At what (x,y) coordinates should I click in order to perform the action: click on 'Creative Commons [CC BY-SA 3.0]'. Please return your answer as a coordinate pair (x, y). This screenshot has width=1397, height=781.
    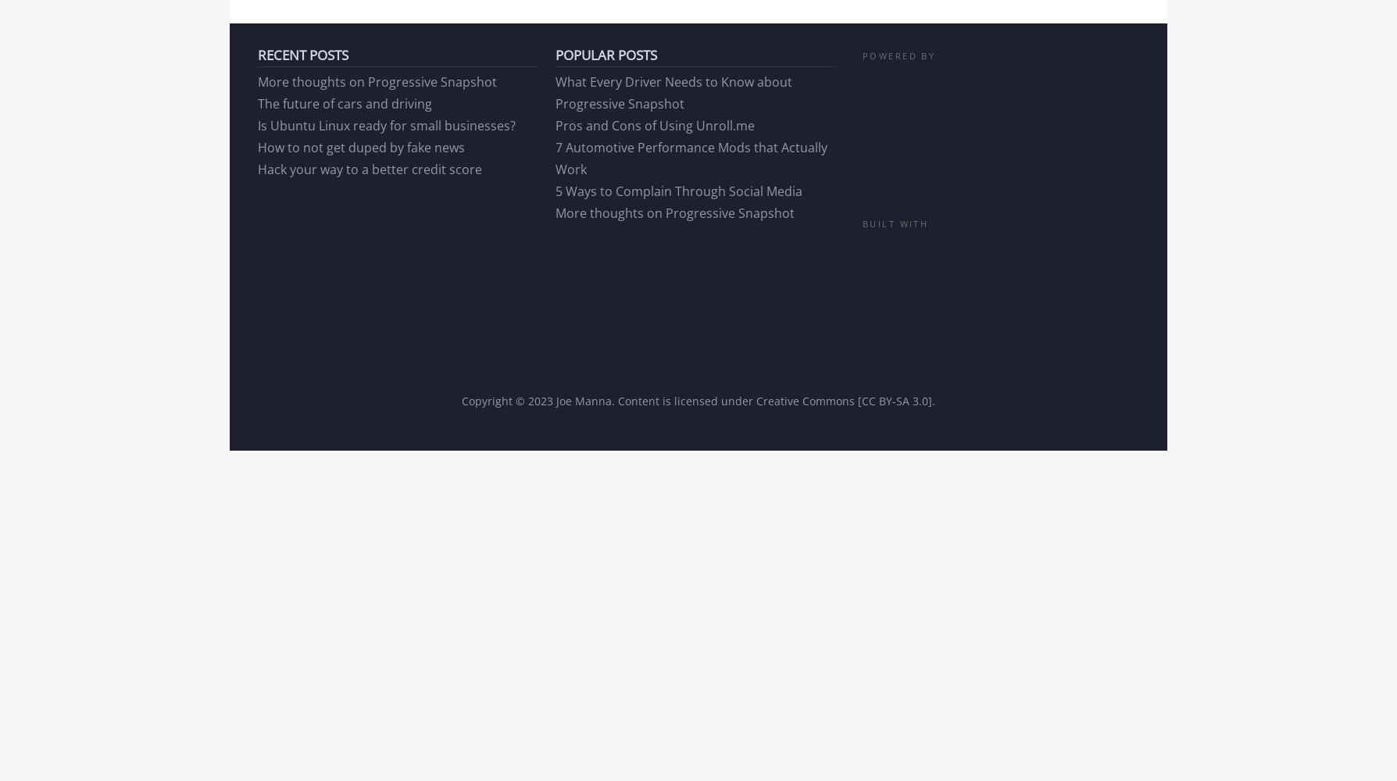
    Looking at the image, I should click on (844, 401).